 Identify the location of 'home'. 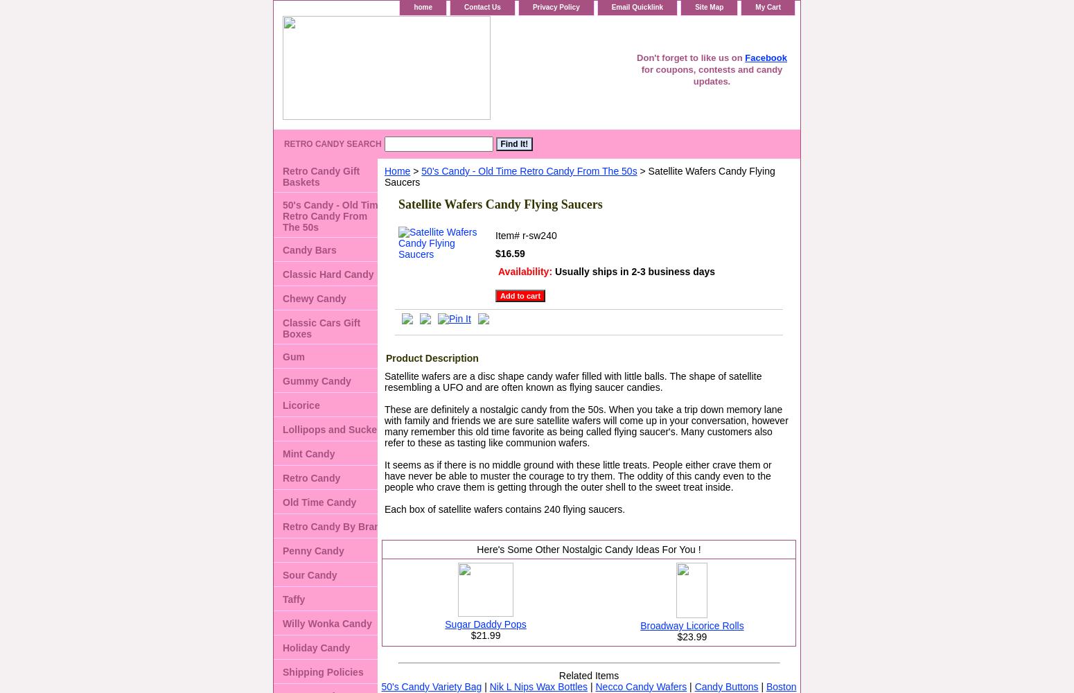
(414, 7).